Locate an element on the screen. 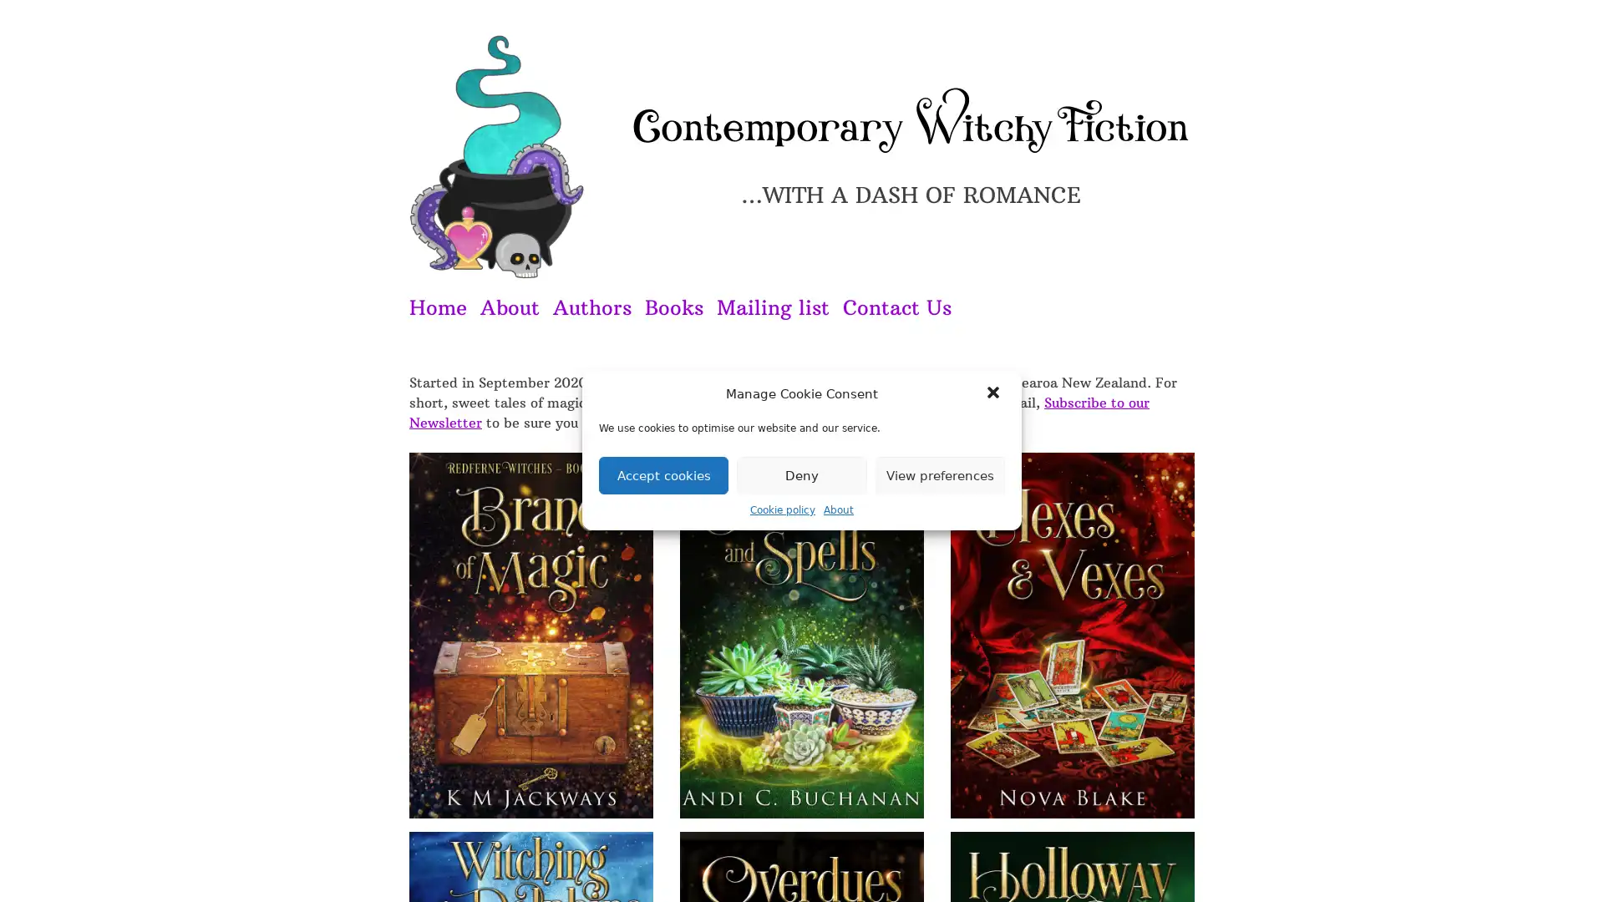  Deny is located at coordinates (800, 475).